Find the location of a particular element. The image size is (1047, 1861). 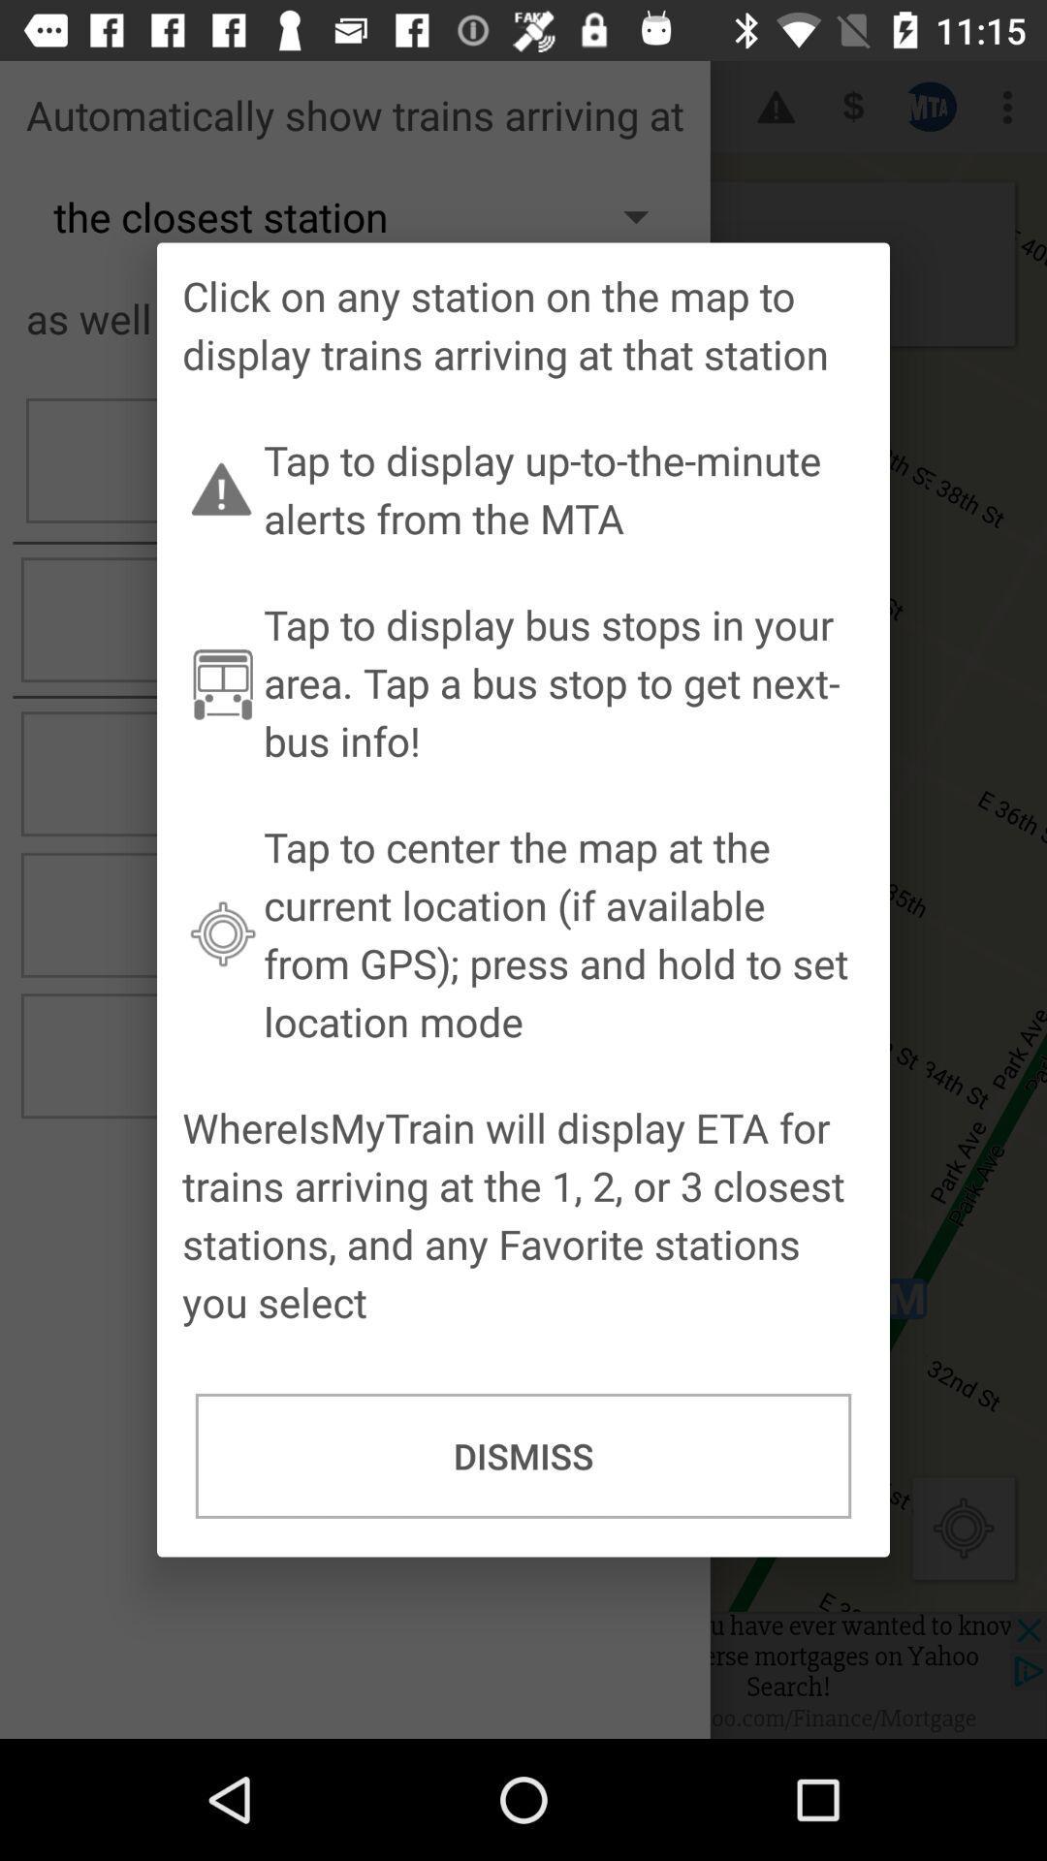

dismiss icon is located at coordinates (523, 1456).